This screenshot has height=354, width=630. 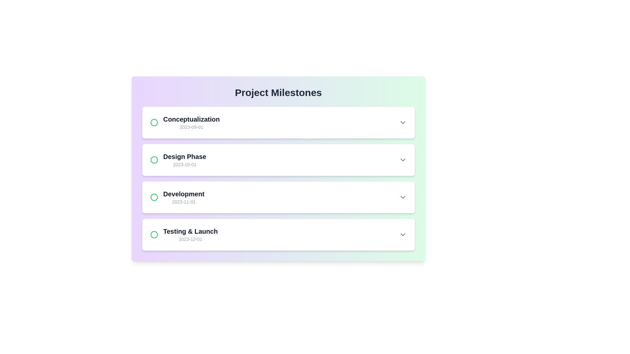 What do you see at coordinates (154, 197) in the screenshot?
I see `the circular icon with a green border located to the left of the 'Development' text label within the third milestone in the milestone list` at bounding box center [154, 197].